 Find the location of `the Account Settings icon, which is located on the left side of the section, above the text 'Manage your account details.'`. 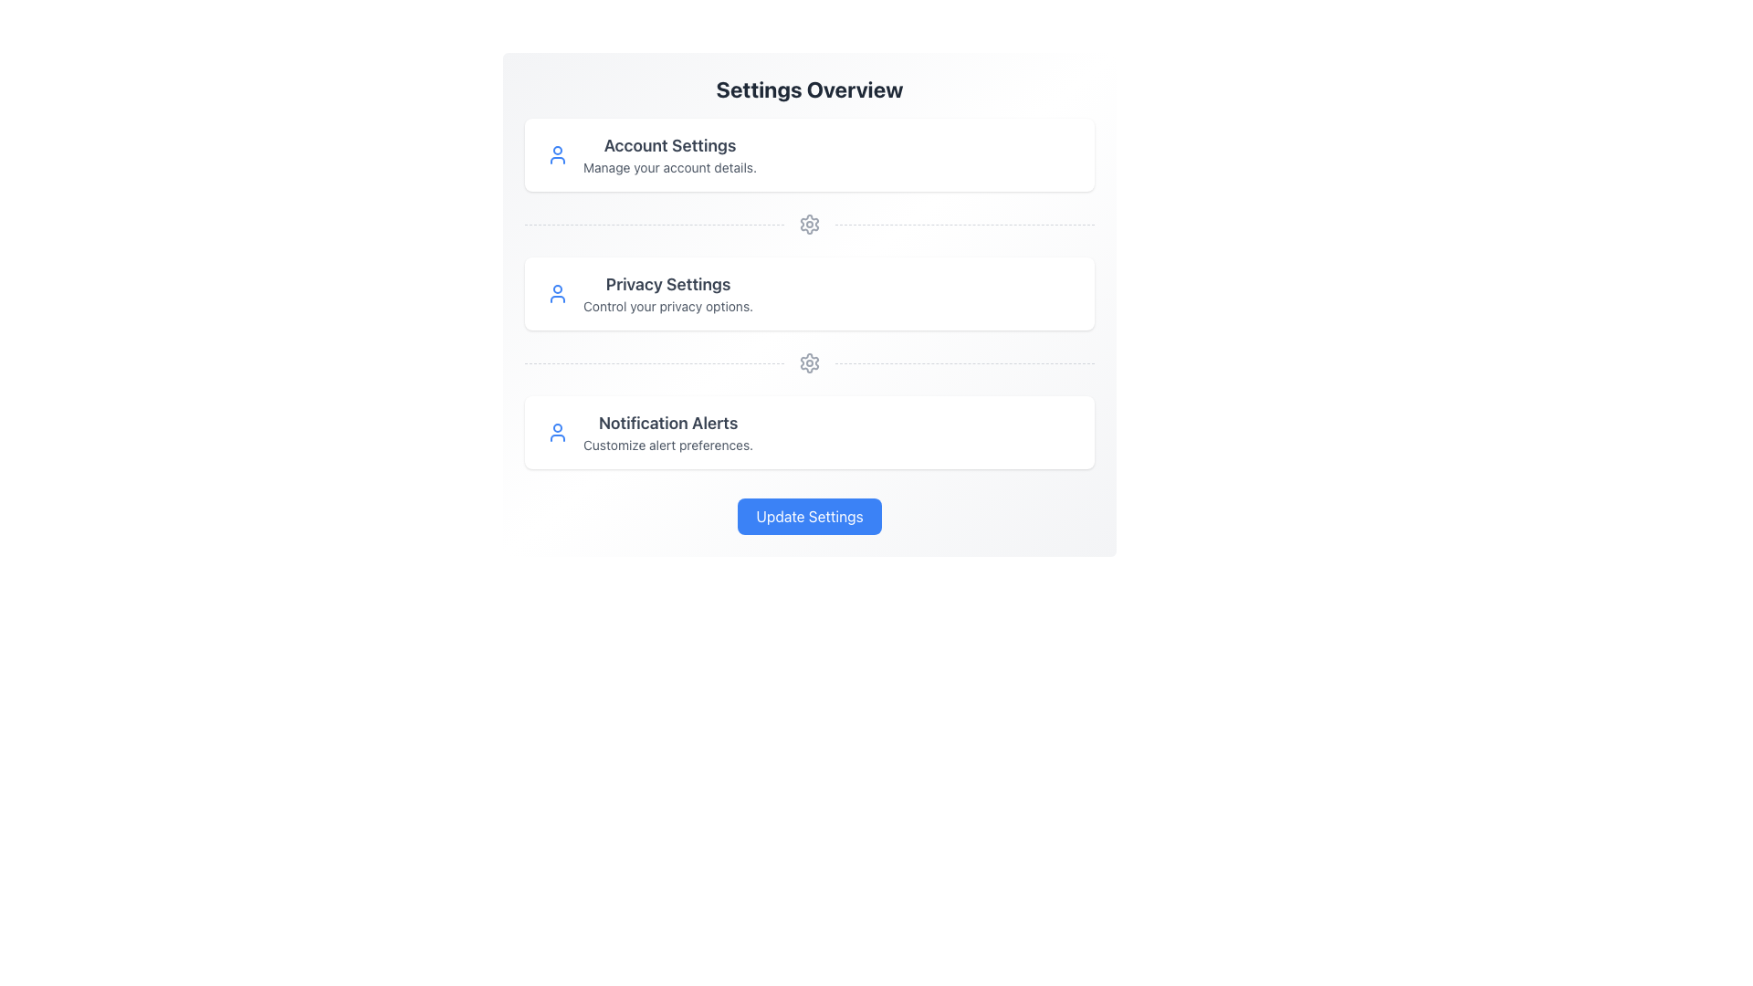

the Account Settings icon, which is located on the left side of the section, above the text 'Manage your account details.' is located at coordinates (556, 153).